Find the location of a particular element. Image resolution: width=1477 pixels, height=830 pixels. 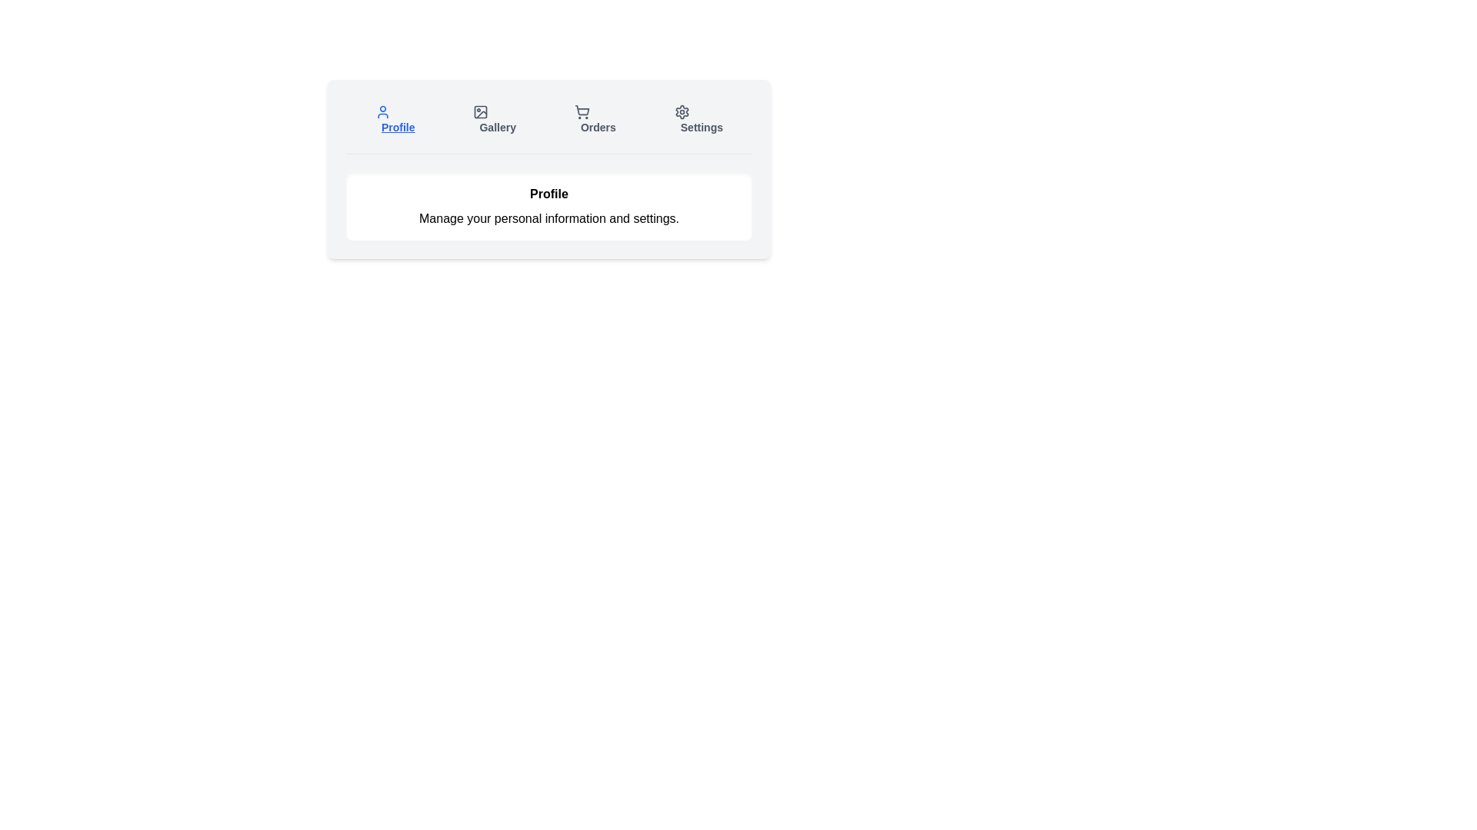

the tab labeled Profile to display its content is located at coordinates (395, 118).